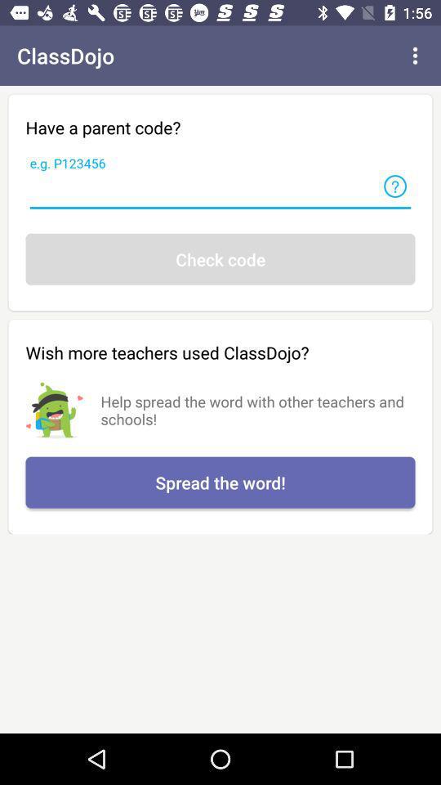  I want to click on icon page, so click(394, 186).